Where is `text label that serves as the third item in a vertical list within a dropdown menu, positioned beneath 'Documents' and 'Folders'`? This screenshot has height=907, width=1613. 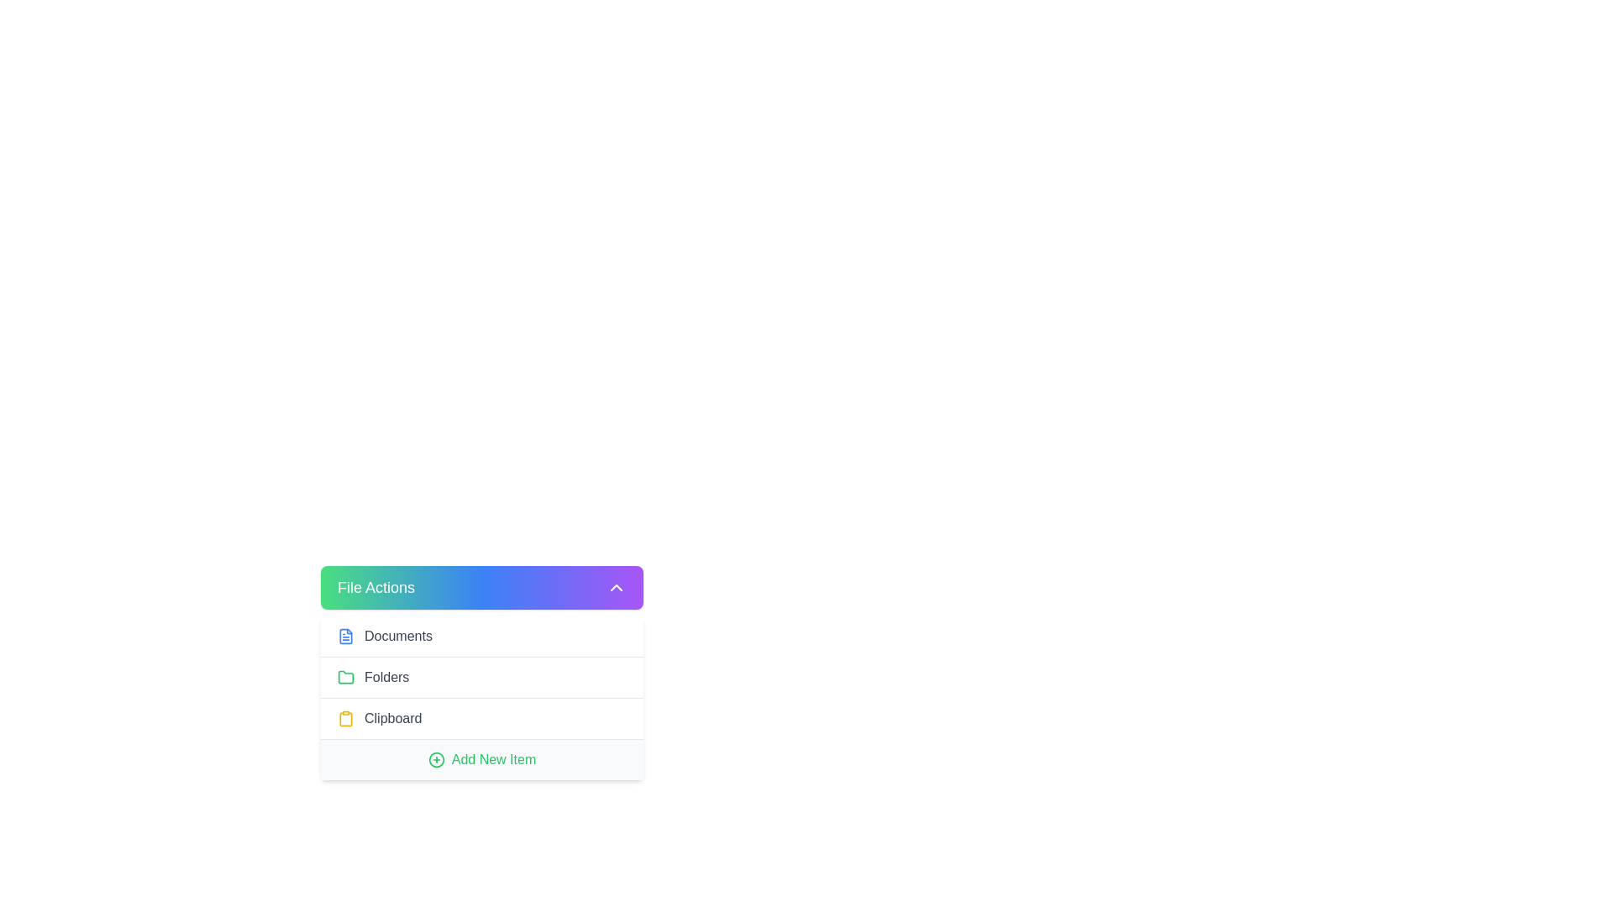
text label that serves as the third item in a vertical list within a dropdown menu, positioned beneath 'Documents' and 'Folders' is located at coordinates (392, 718).